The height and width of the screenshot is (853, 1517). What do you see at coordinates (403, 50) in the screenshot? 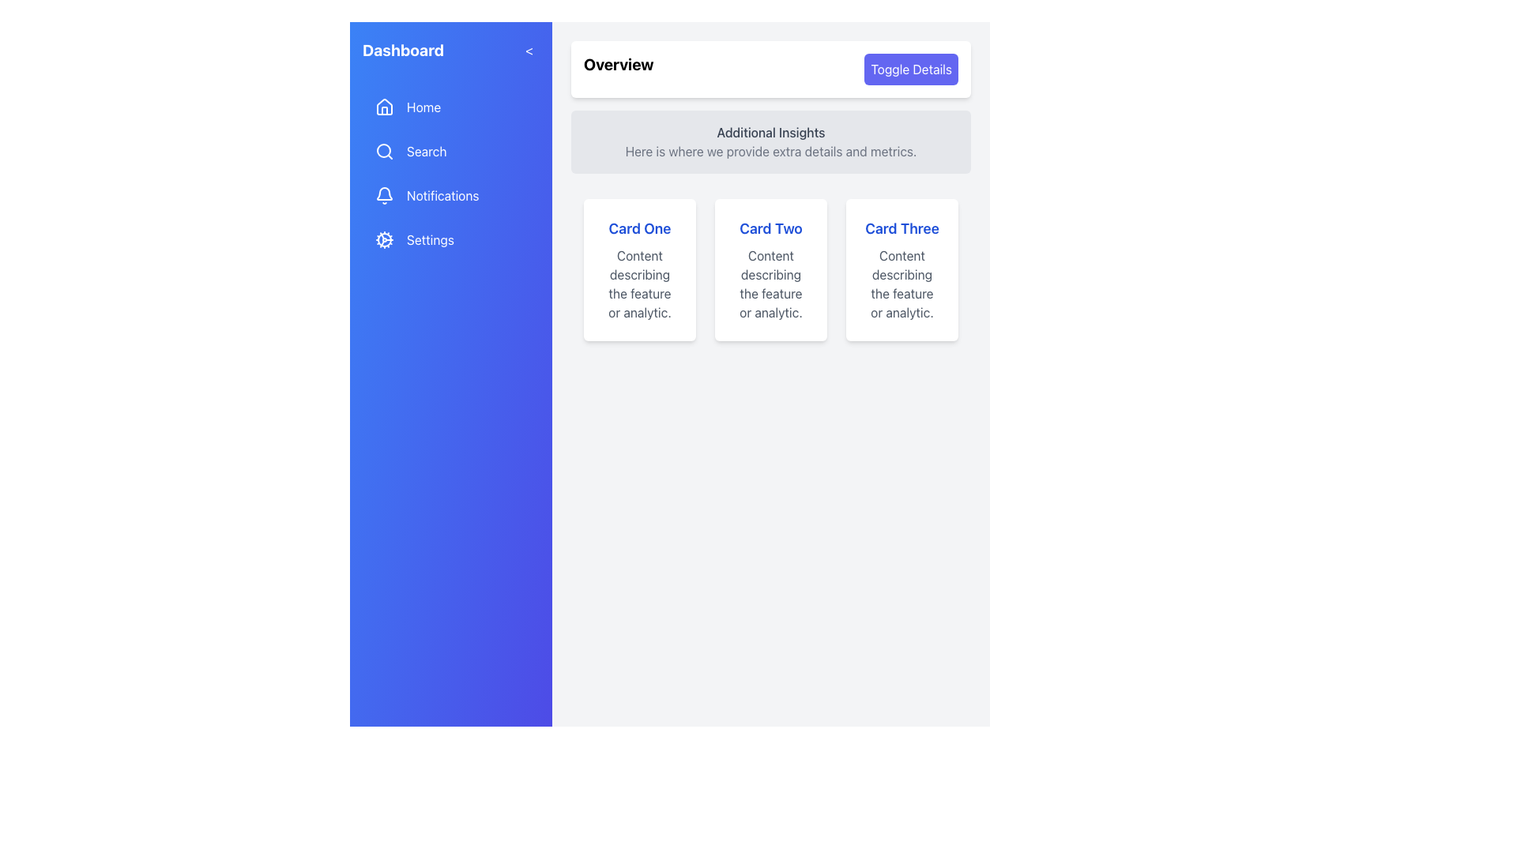
I see `the Text Label that serves as a title for the sidebar navigation, located near the top of the left-hand sidebar` at bounding box center [403, 50].